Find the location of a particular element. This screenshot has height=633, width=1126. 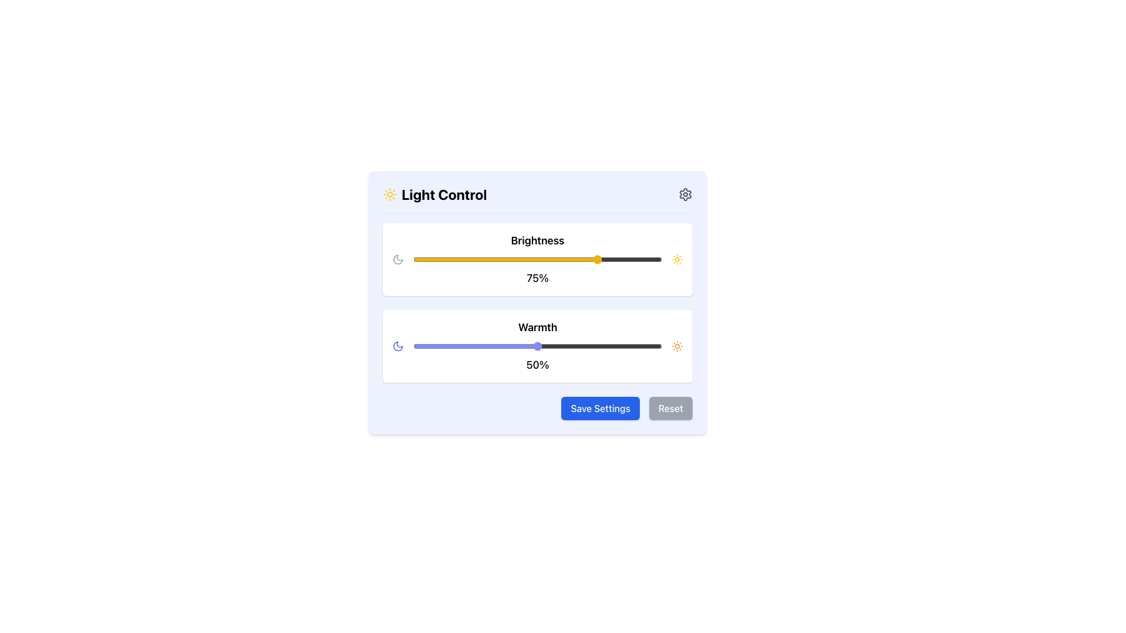

the 'Save Settings' button, which is a rectangular button with rounded corners, bold white font, and a blue background located at the bottom-right section of the UI card is located at coordinates (600, 408).